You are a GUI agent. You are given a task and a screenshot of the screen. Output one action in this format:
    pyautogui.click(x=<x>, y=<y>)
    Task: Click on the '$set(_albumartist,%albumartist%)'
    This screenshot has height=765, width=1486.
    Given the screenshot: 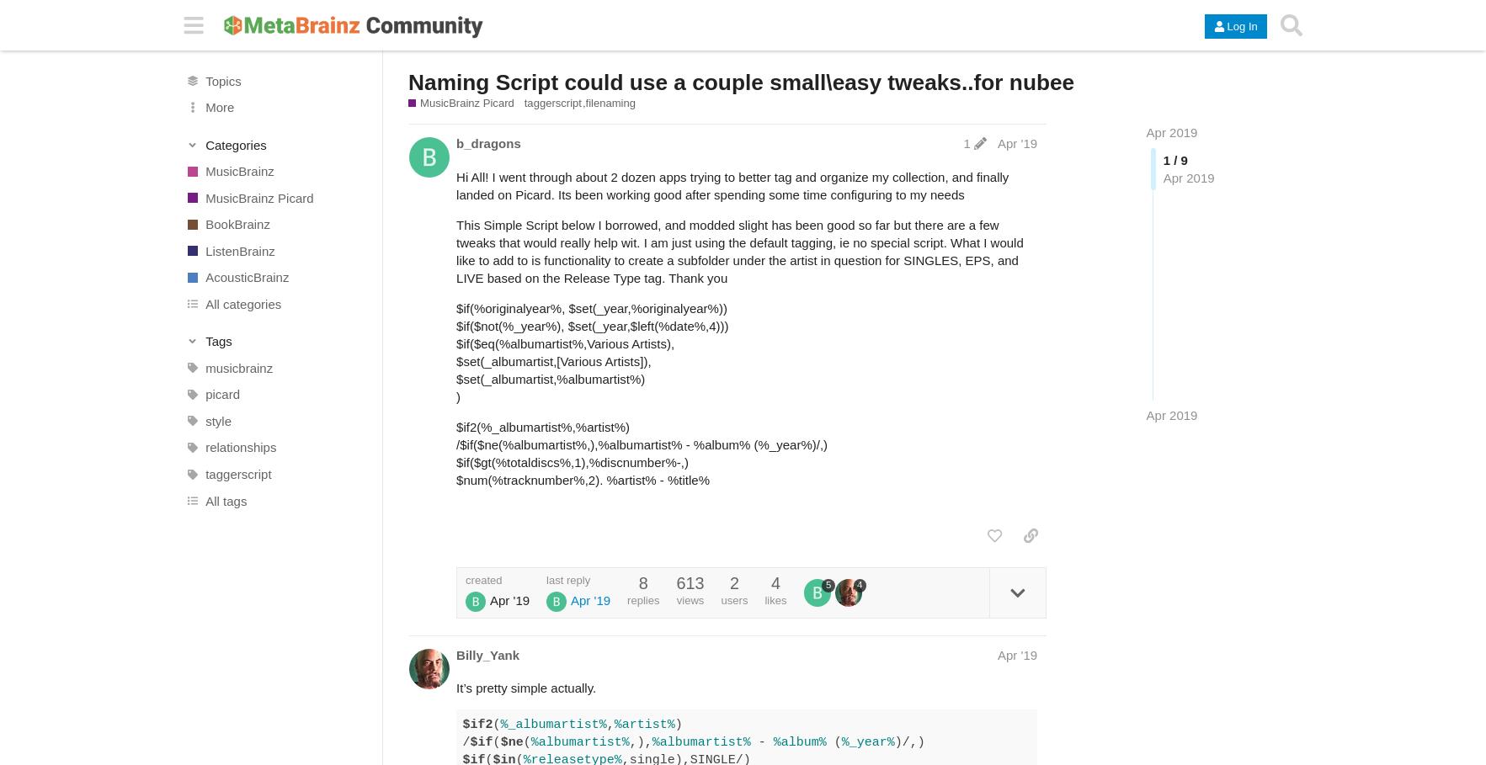 What is the action you would take?
    pyautogui.click(x=549, y=378)
    